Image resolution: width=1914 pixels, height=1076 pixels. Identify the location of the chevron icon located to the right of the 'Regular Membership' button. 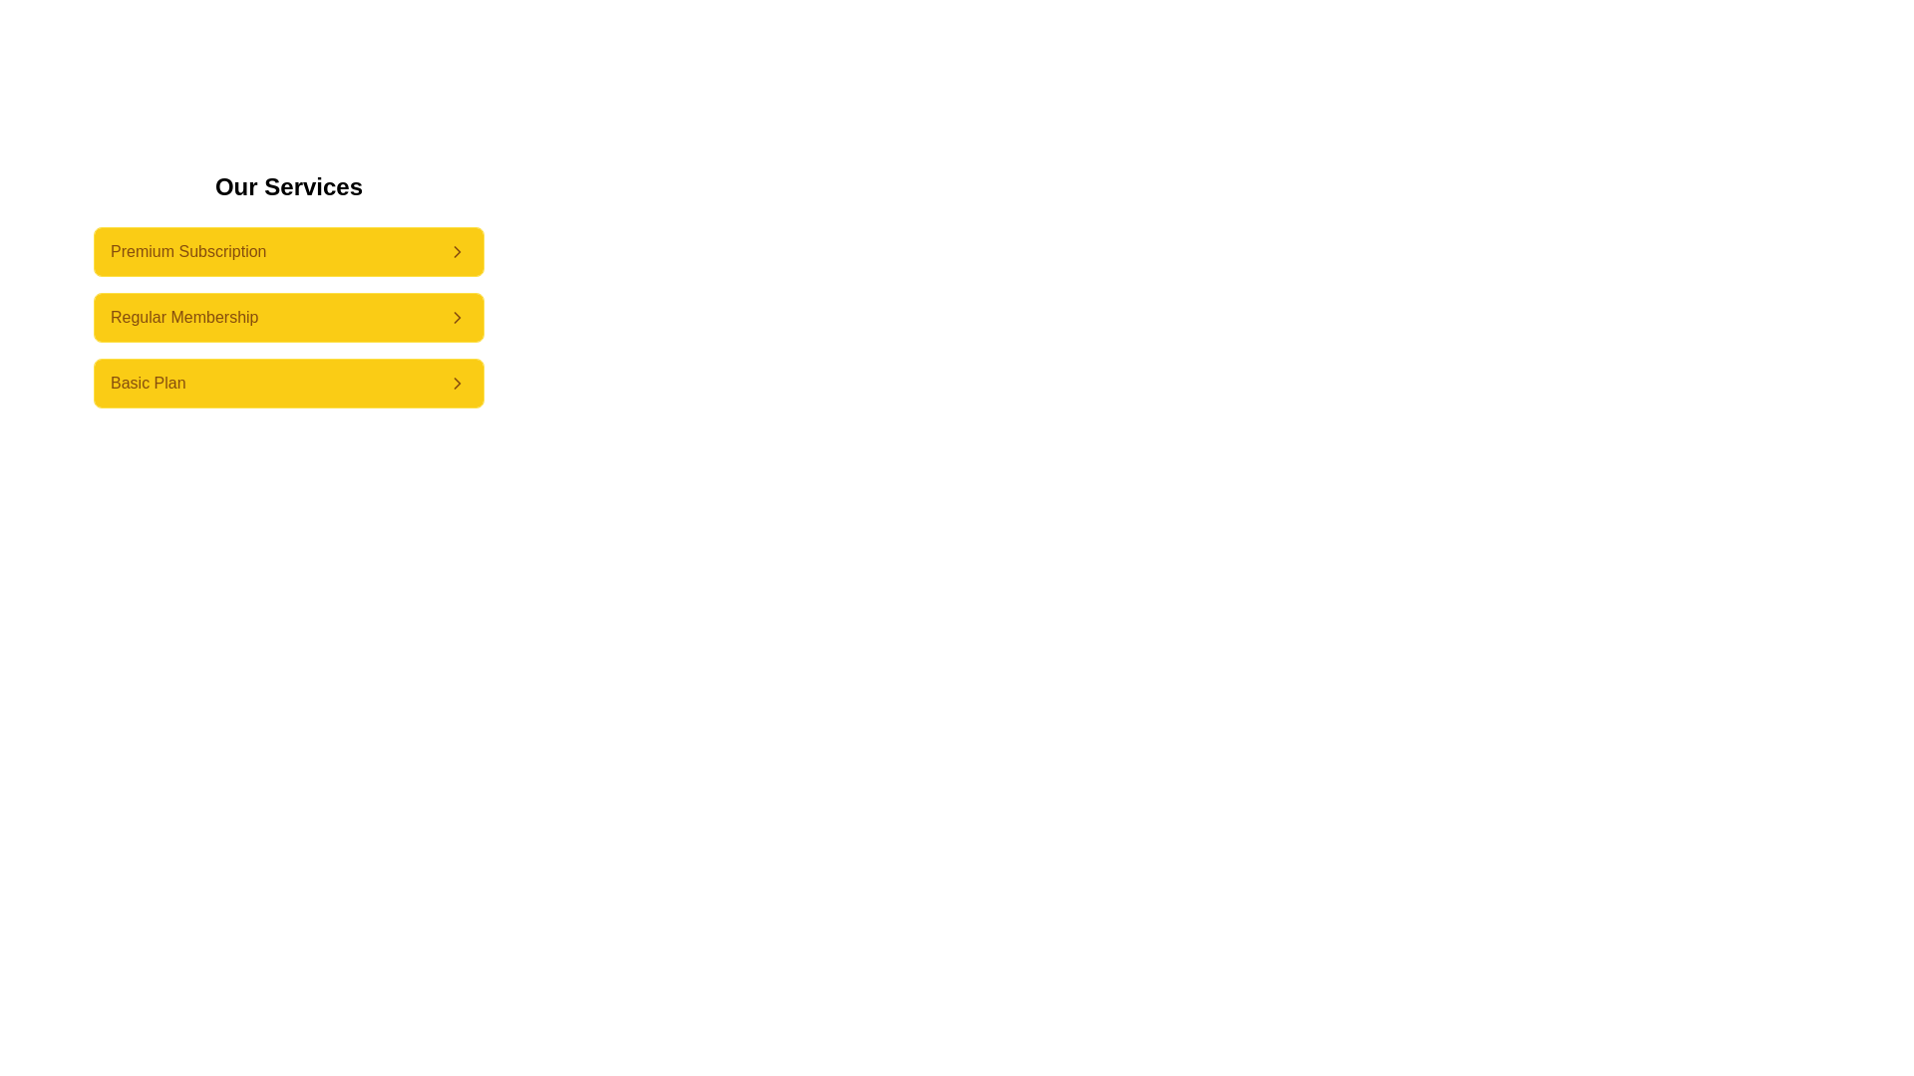
(457, 317).